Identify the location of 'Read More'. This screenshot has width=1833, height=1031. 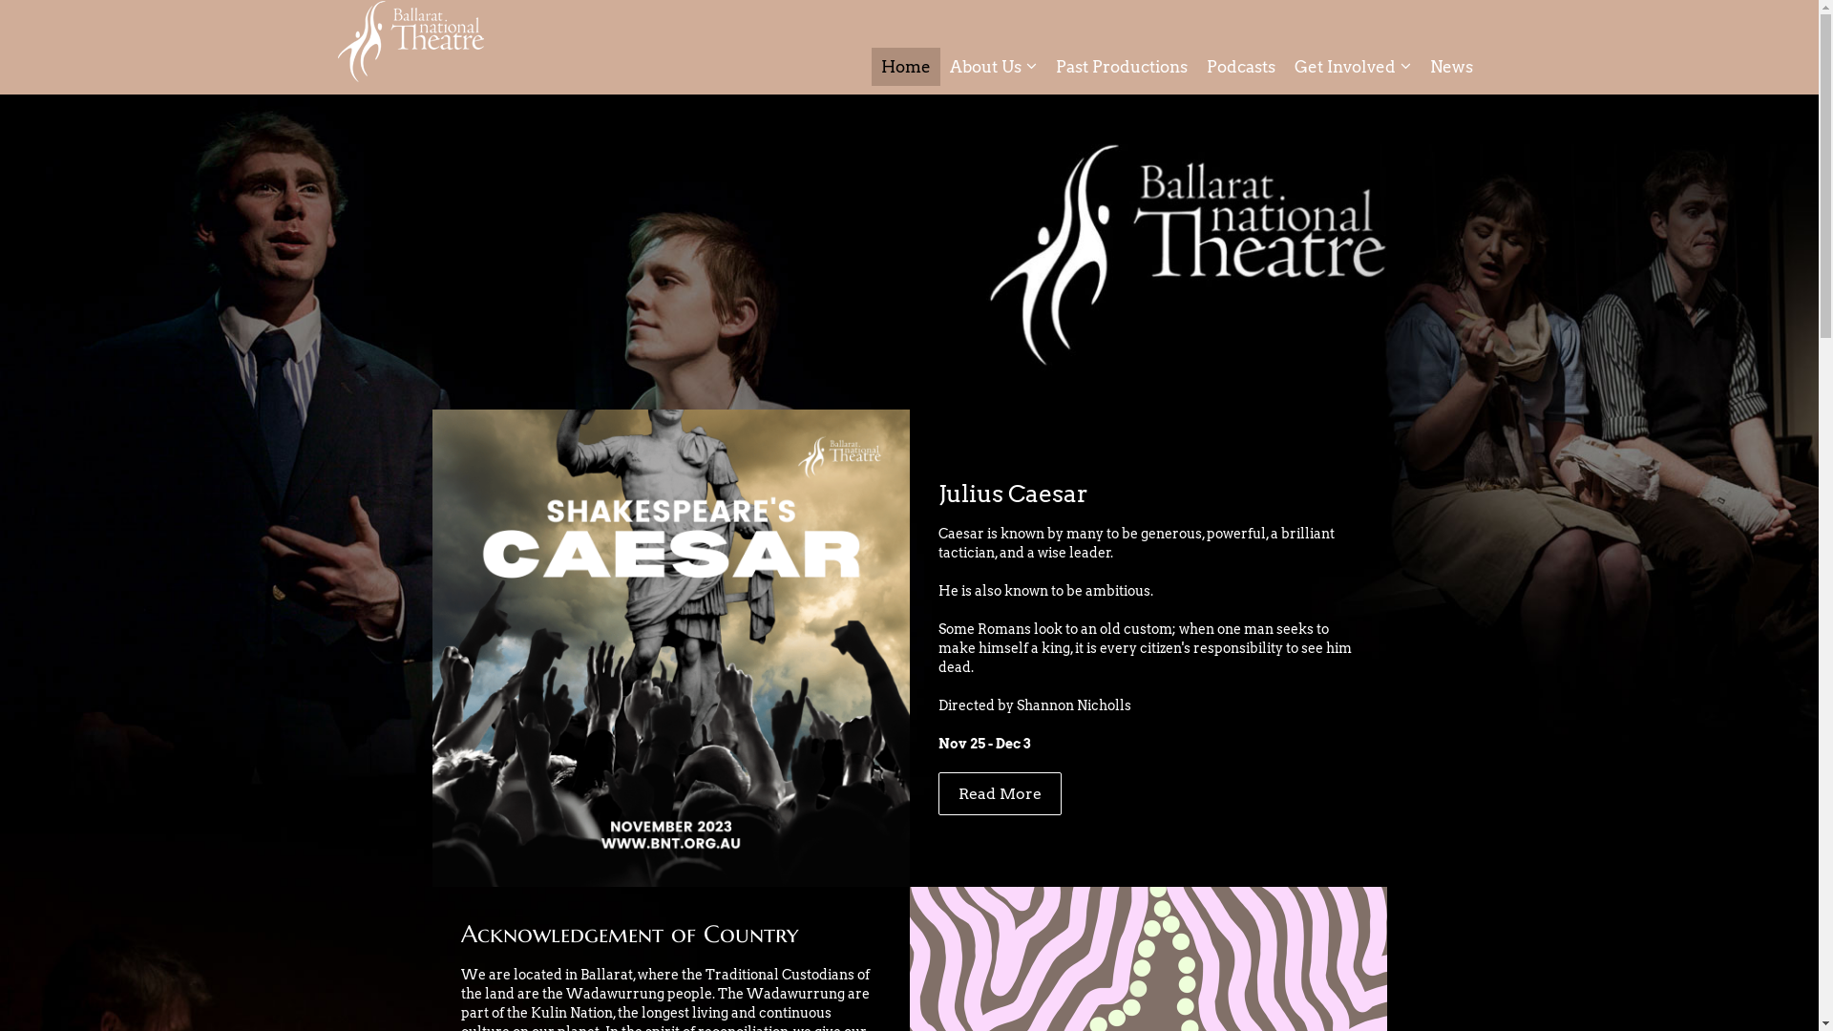
(998, 792).